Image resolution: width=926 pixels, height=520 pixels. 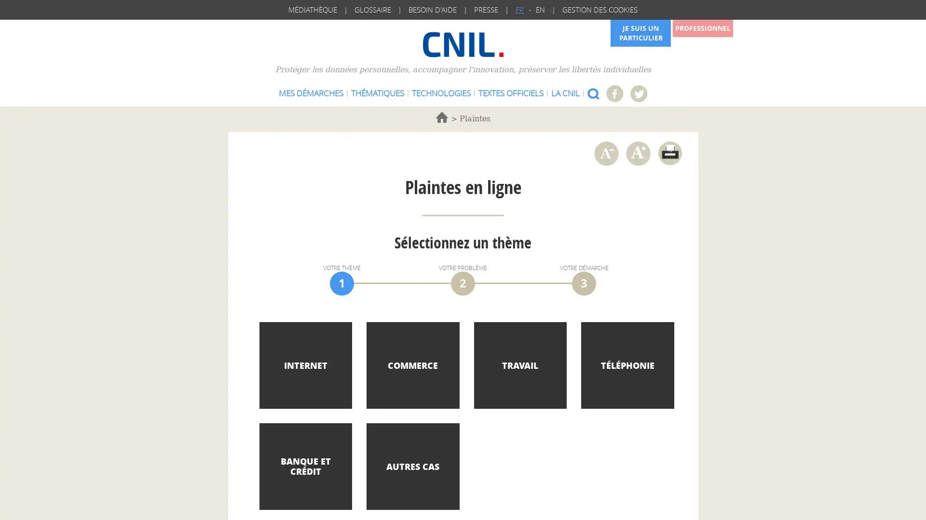 I want to click on Augmenter la taille de la police de caractere, so click(x=638, y=153).